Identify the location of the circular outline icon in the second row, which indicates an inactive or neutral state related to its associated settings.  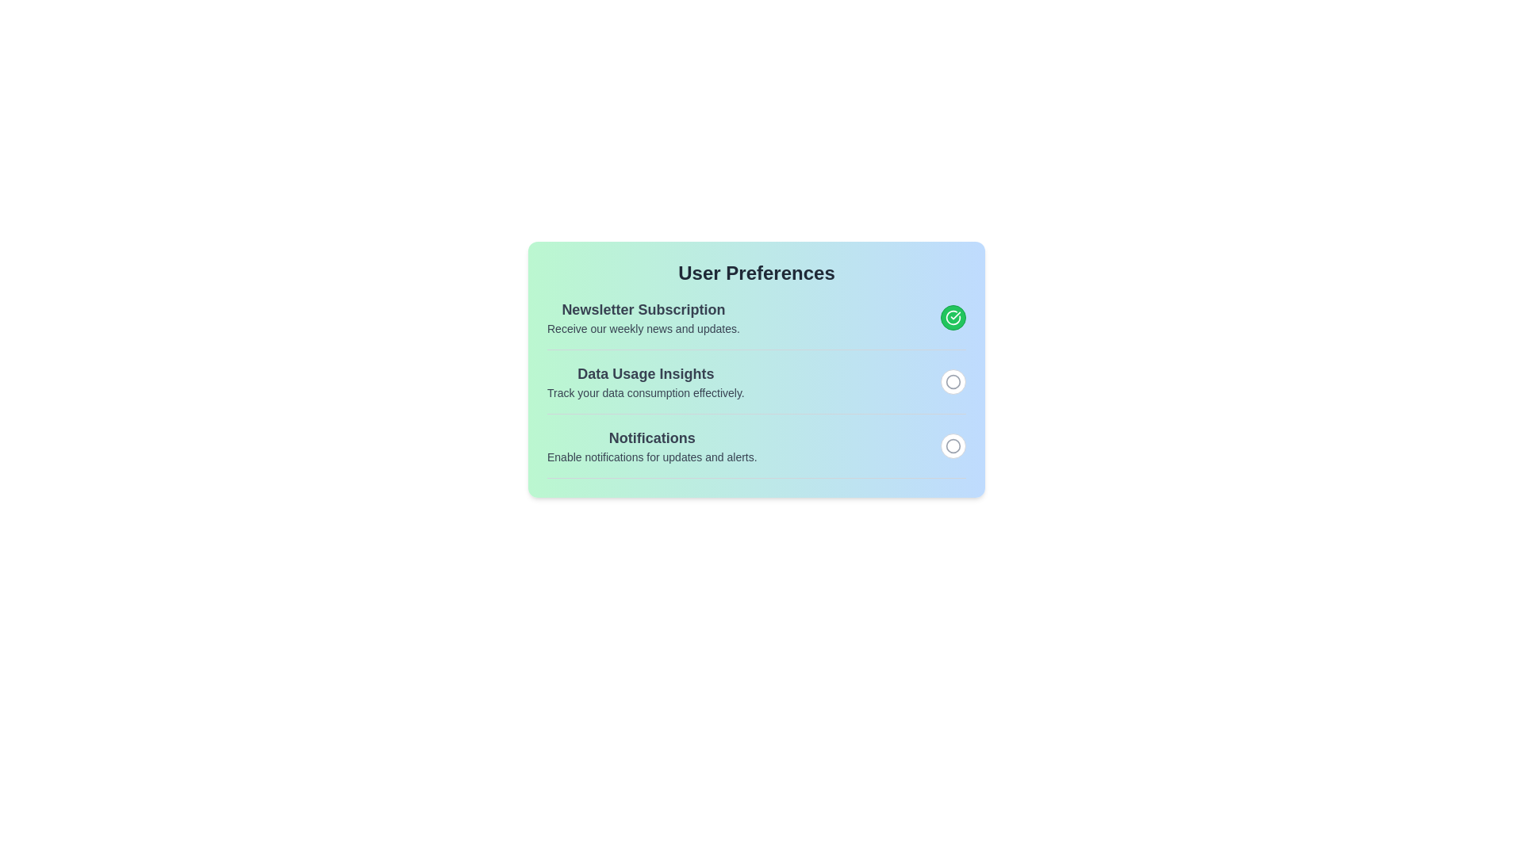
(952, 446).